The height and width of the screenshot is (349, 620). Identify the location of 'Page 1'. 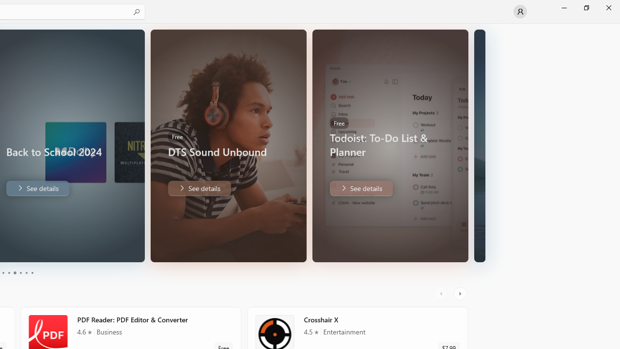
(2, 273).